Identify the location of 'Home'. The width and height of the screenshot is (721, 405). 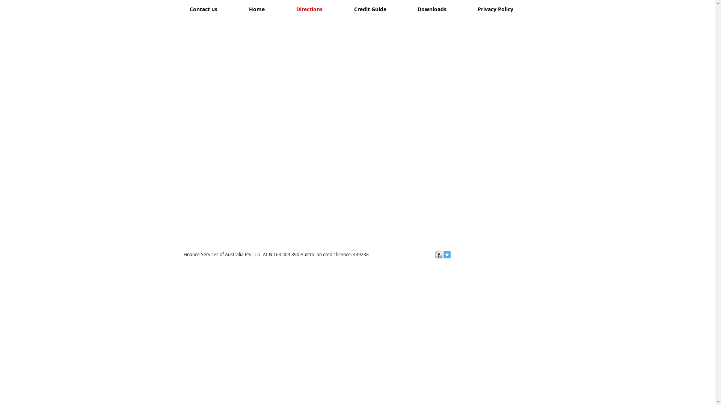
(256, 9).